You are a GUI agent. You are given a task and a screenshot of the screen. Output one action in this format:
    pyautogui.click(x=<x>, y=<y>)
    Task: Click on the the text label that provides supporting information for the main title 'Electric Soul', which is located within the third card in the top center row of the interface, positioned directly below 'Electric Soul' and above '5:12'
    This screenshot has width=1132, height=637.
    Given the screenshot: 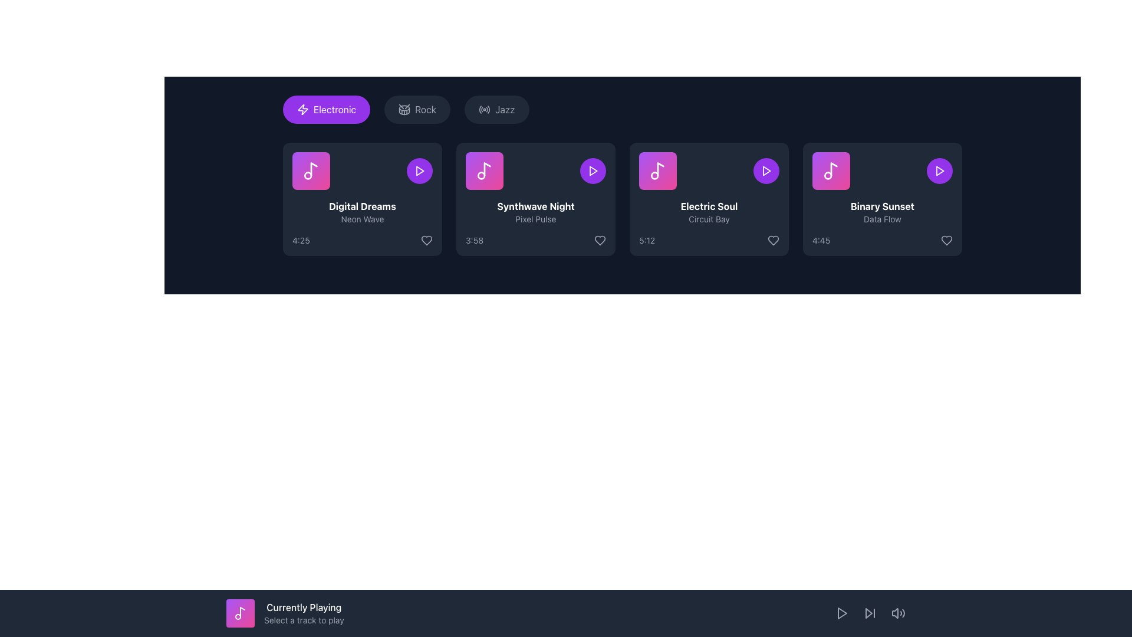 What is the action you would take?
    pyautogui.click(x=709, y=219)
    